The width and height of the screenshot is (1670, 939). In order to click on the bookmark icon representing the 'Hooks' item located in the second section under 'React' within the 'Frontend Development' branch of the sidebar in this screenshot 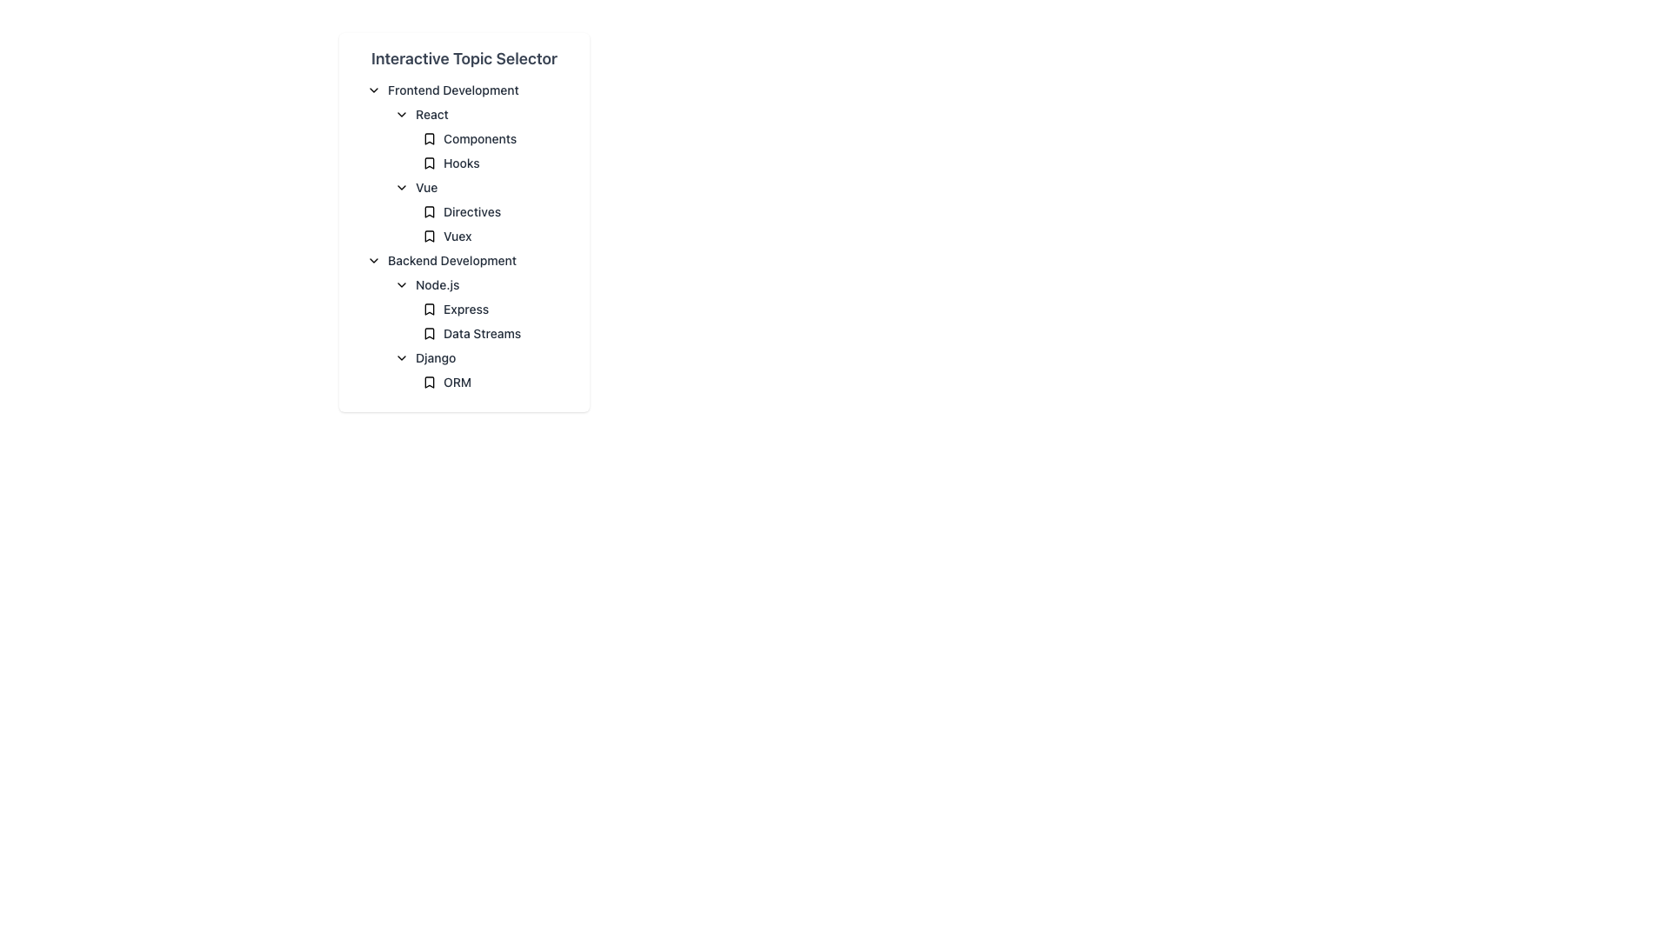, I will do `click(430, 163)`.